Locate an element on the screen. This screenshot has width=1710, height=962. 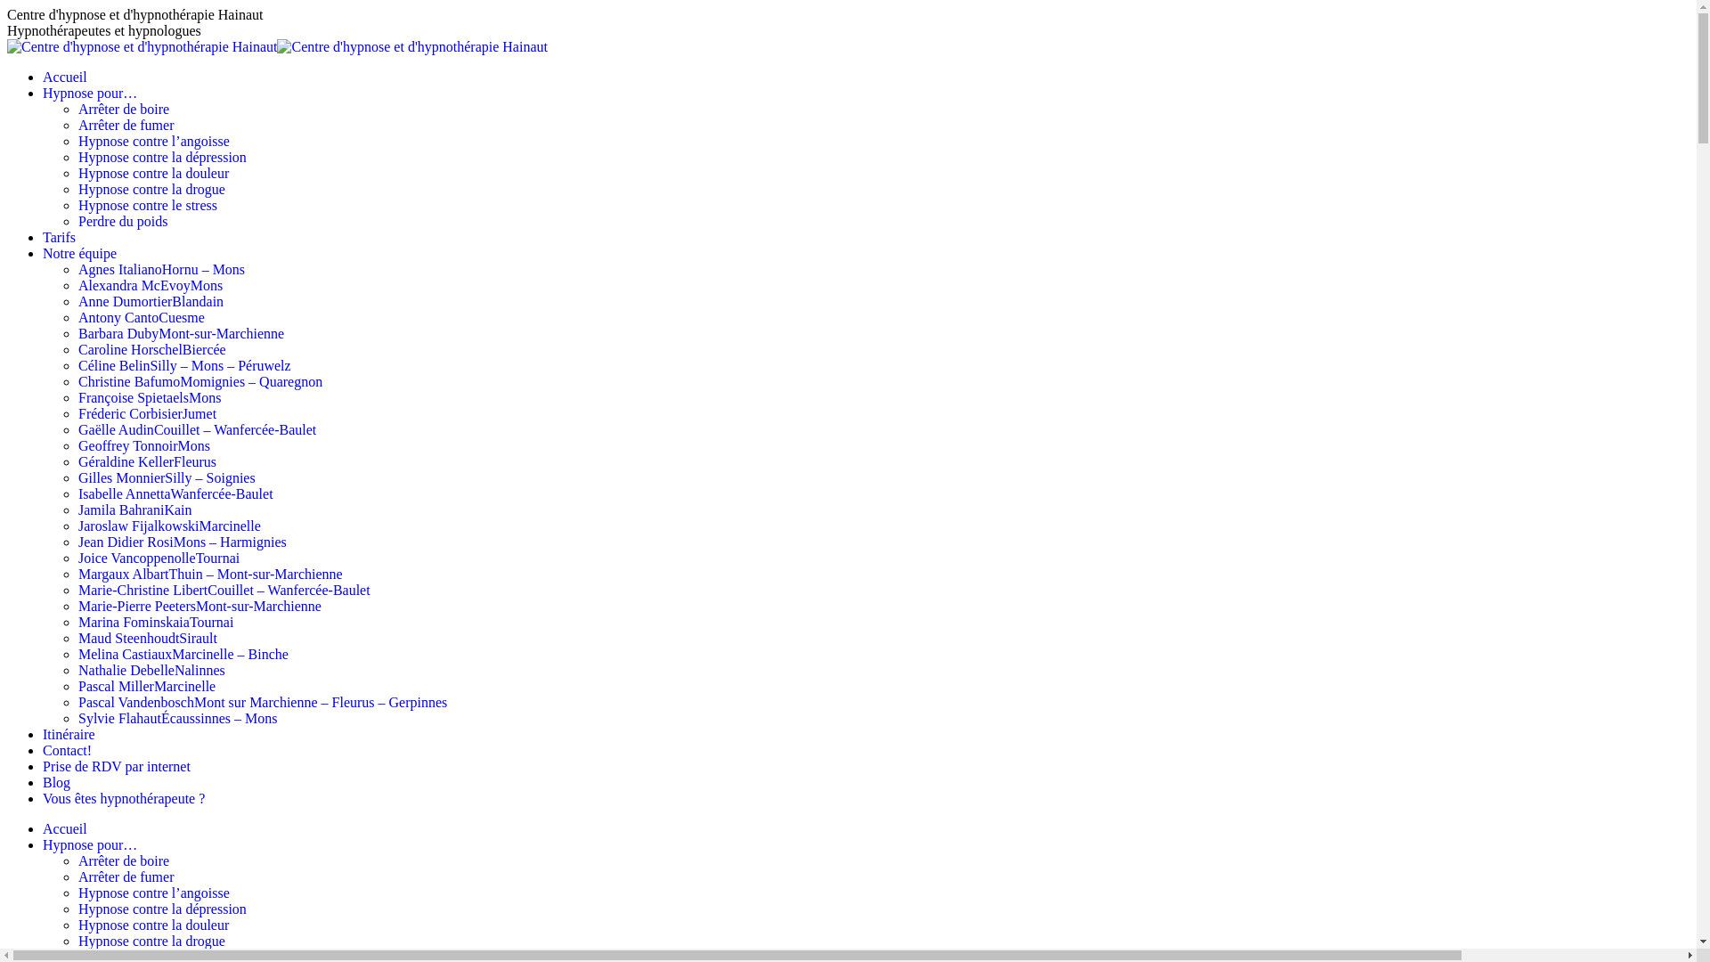
'Alexandra McEvoyMons' is located at coordinates (150, 284).